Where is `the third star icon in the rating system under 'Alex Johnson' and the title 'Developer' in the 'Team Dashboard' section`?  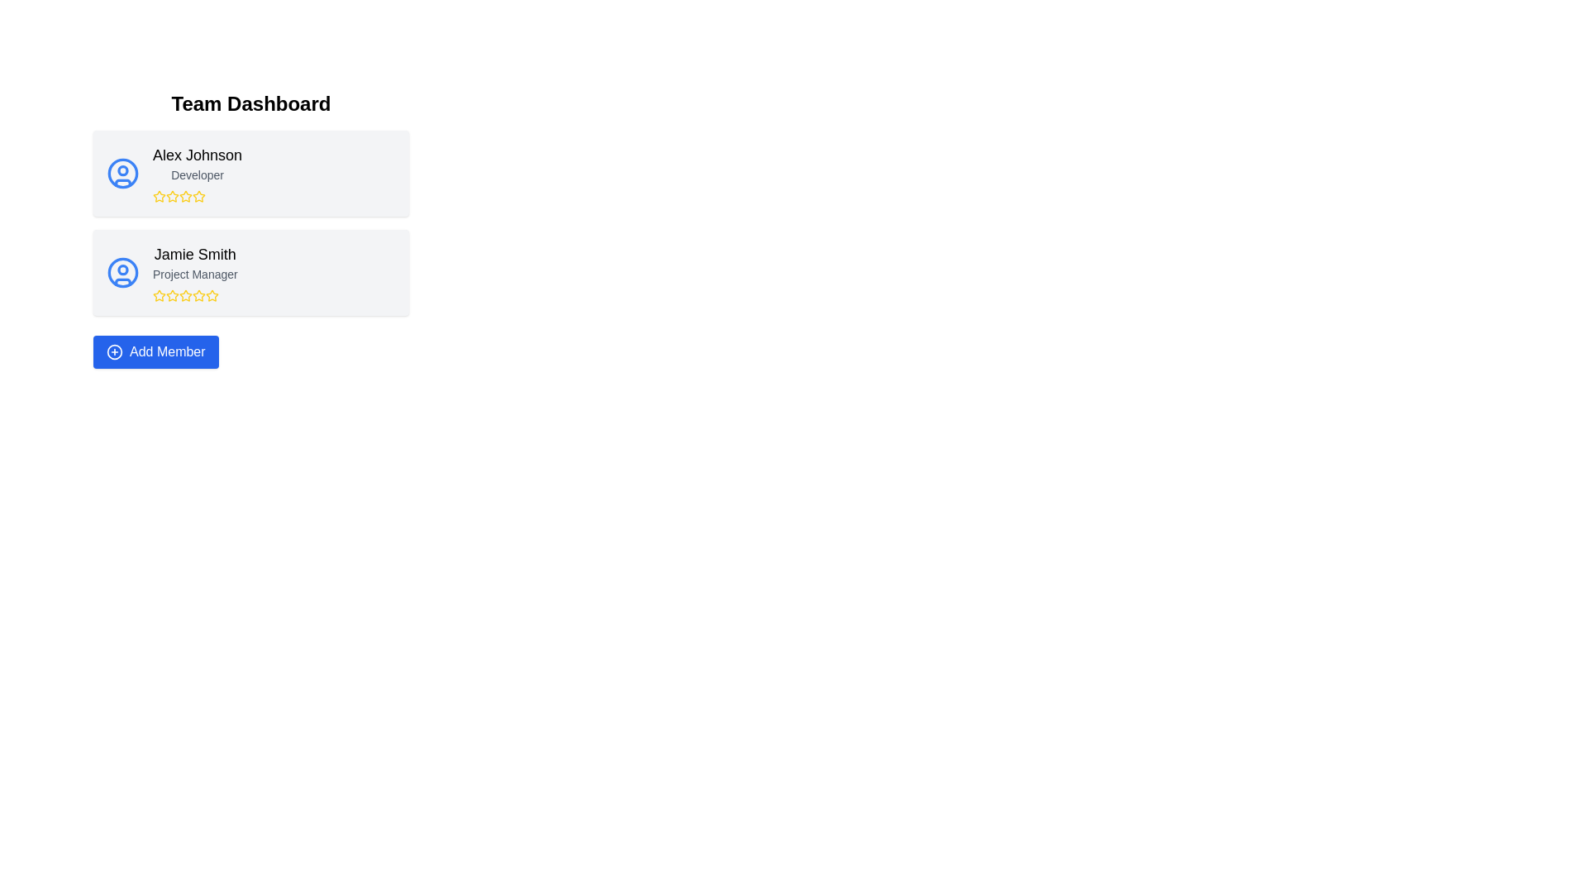 the third star icon in the rating system under 'Alex Johnson' and the title 'Developer' in the 'Team Dashboard' section is located at coordinates (173, 196).